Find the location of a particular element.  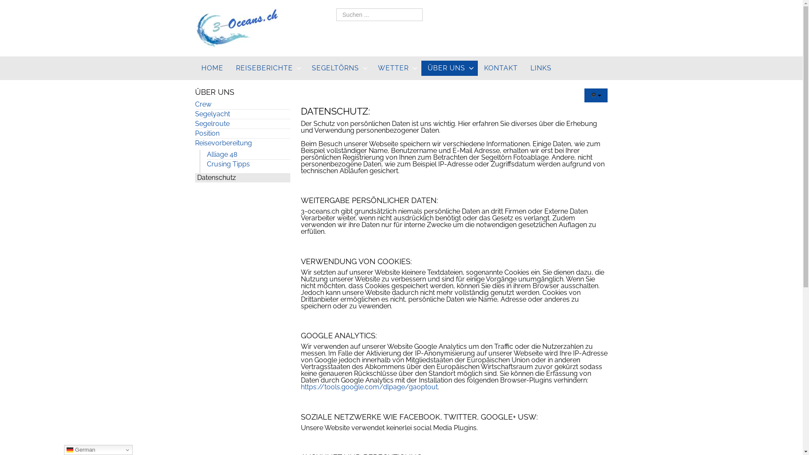

'Reisevorbereitung' is located at coordinates (242, 142).